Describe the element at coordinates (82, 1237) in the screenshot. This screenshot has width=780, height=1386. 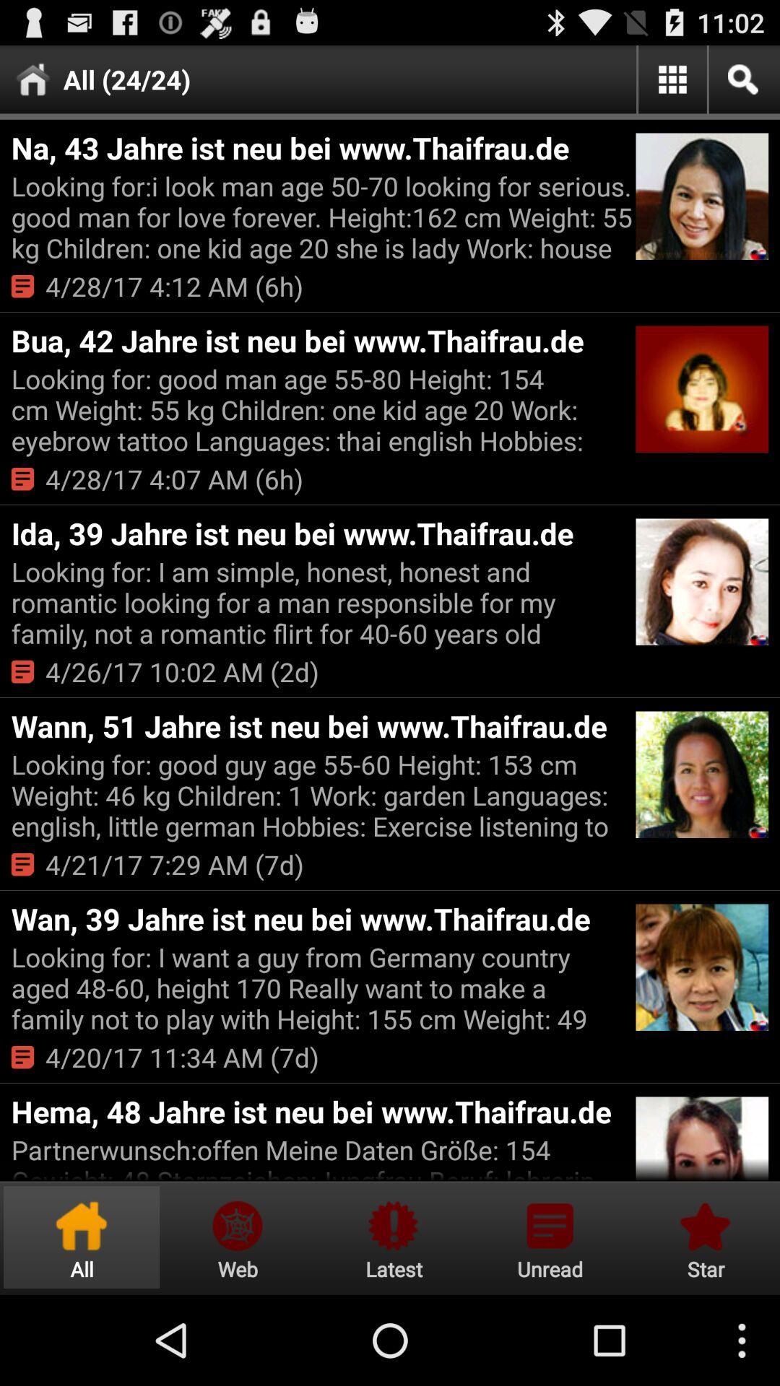
I see `icon below partnerwunsch offen meine item` at that location.